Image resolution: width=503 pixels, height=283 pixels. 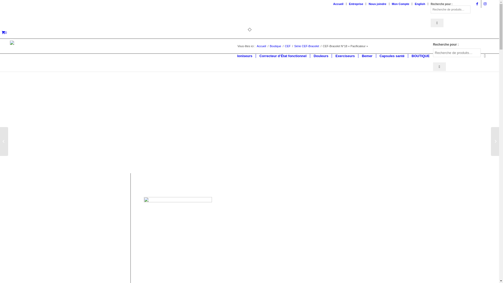 I want to click on 'Accueil', so click(x=261, y=46).